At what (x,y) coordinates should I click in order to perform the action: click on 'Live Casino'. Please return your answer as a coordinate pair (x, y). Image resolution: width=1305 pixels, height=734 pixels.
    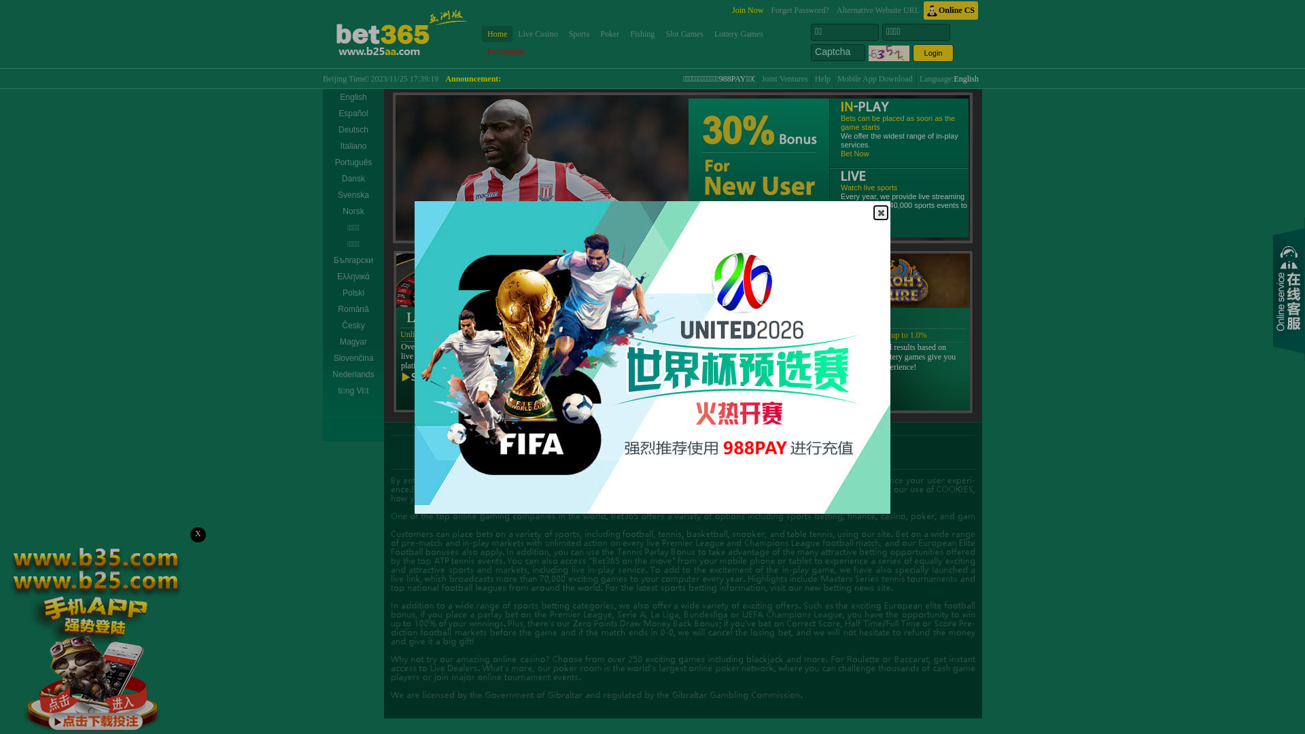
    Looking at the image, I should click on (537, 33).